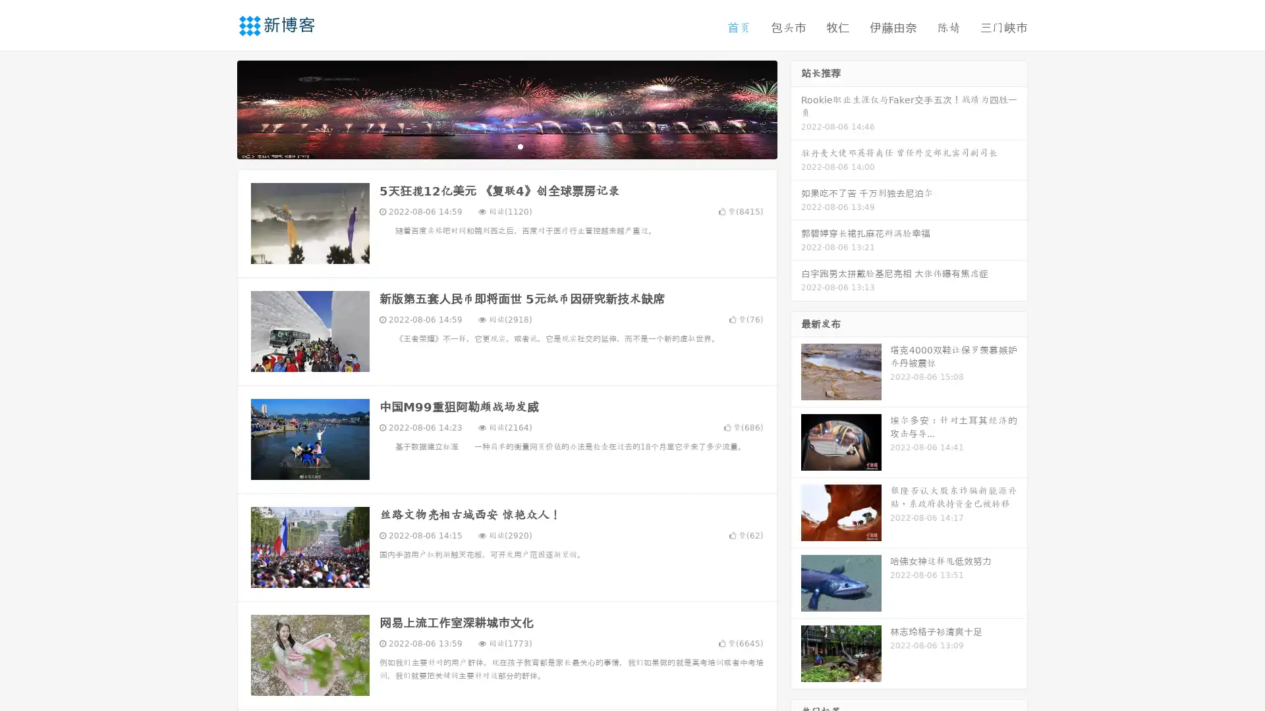 Image resolution: width=1265 pixels, height=711 pixels. What do you see at coordinates (493, 148) in the screenshot?
I see `Go to slide 1` at bounding box center [493, 148].